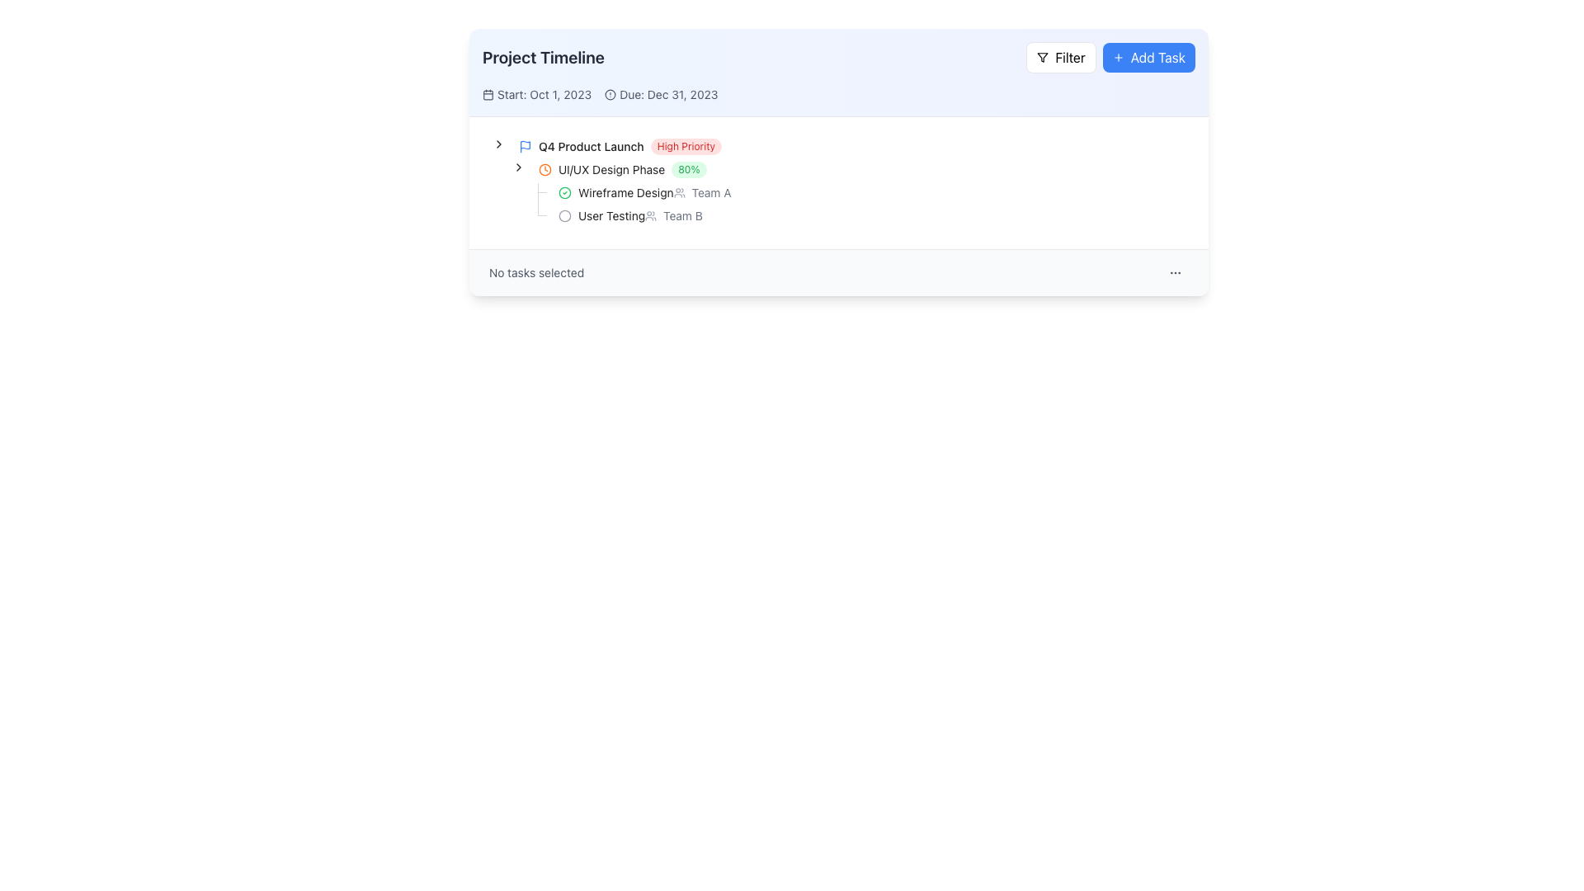 Image resolution: width=1584 pixels, height=891 pixels. What do you see at coordinates (650, 192) in the screenshot?
I see `the Text Label with icons indicating a milestone within the 'UI/UX Design Phase'` at bounding box center [650, 192].